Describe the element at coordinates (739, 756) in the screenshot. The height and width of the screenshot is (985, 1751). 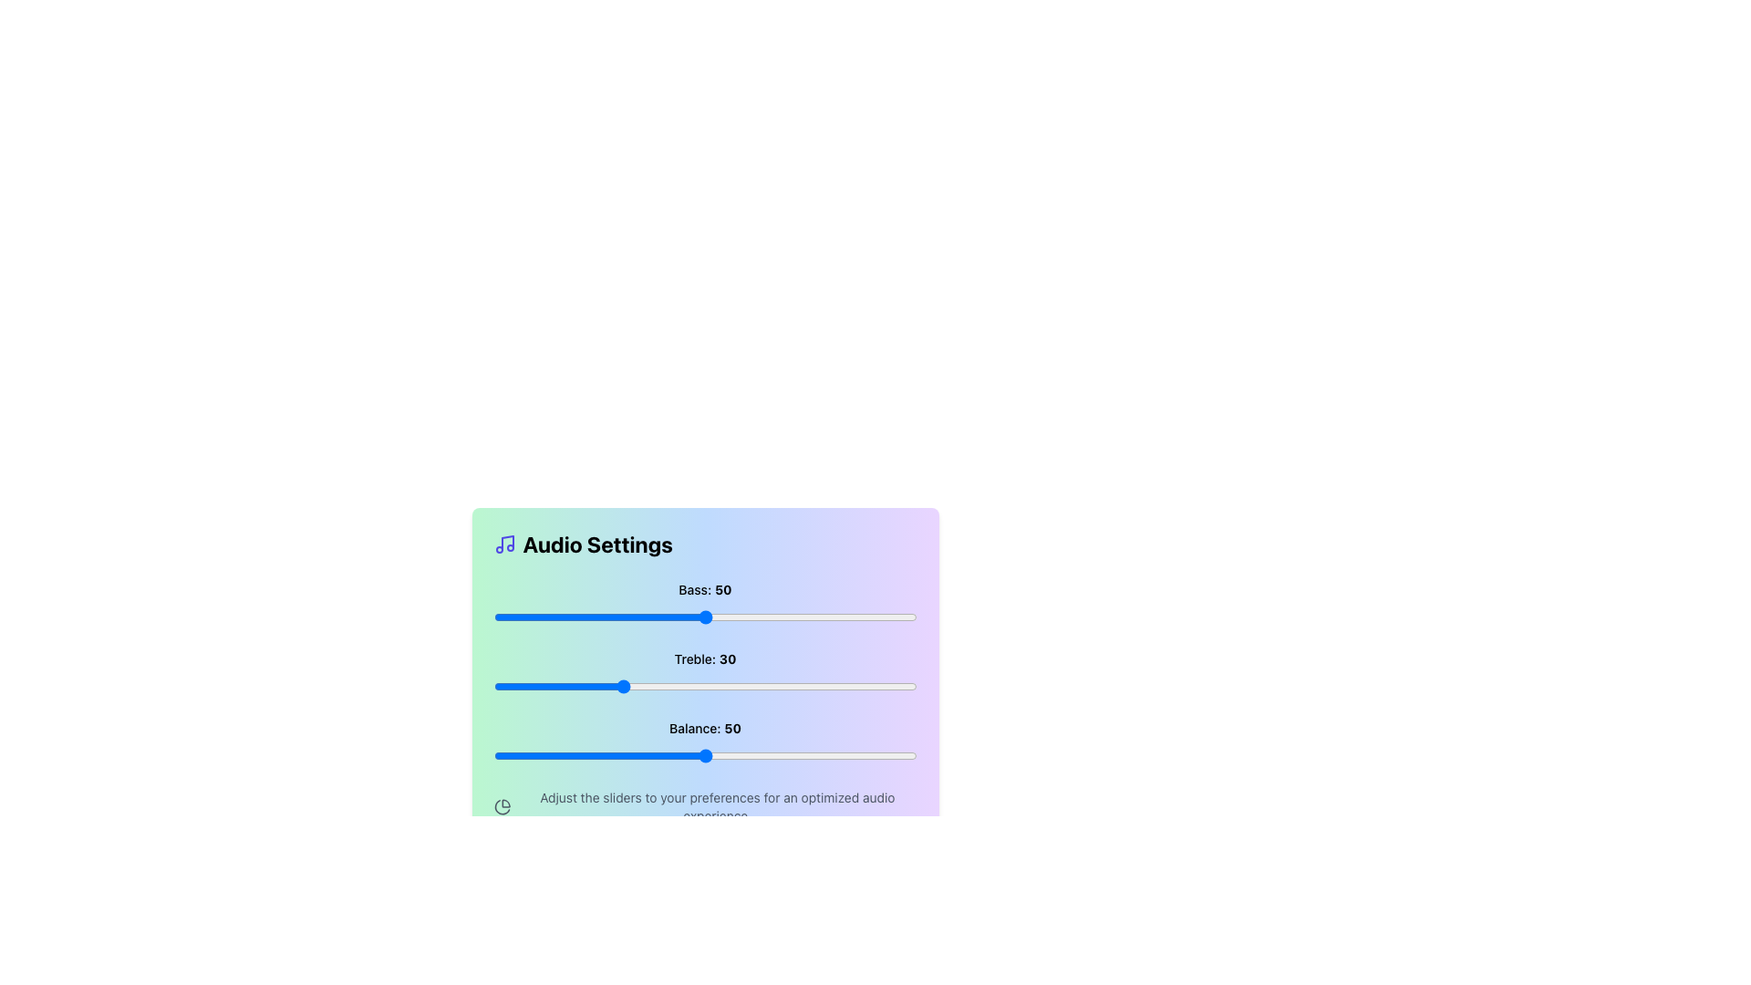
I see `balance` at that location.